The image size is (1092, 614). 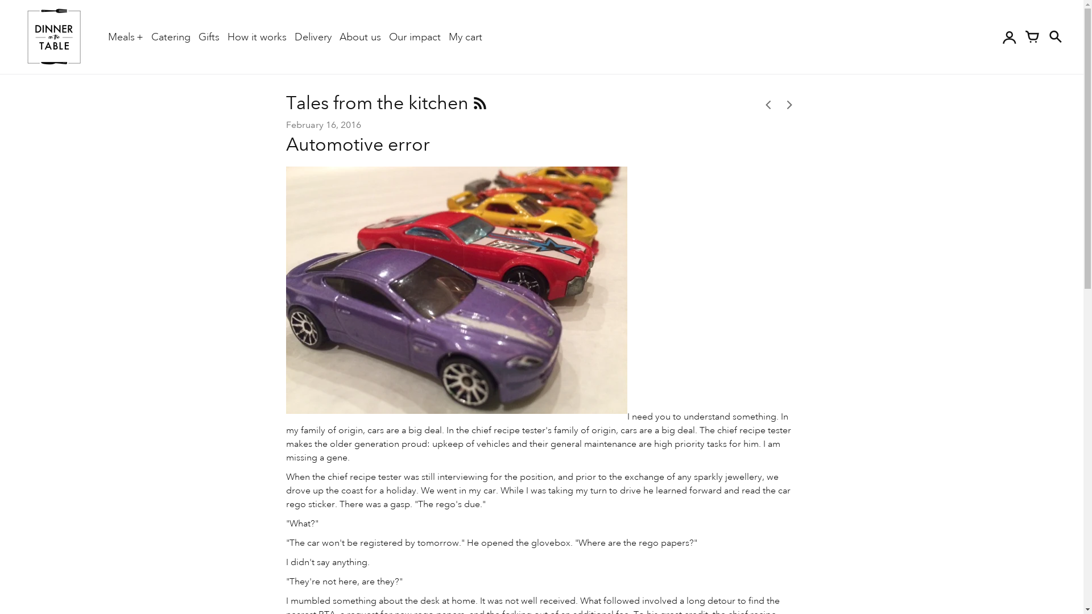 What do you see at coordinates (379, 102) in the screenshot?
I see `'Tales from the kitchen'` at bounding box center [379, 102].